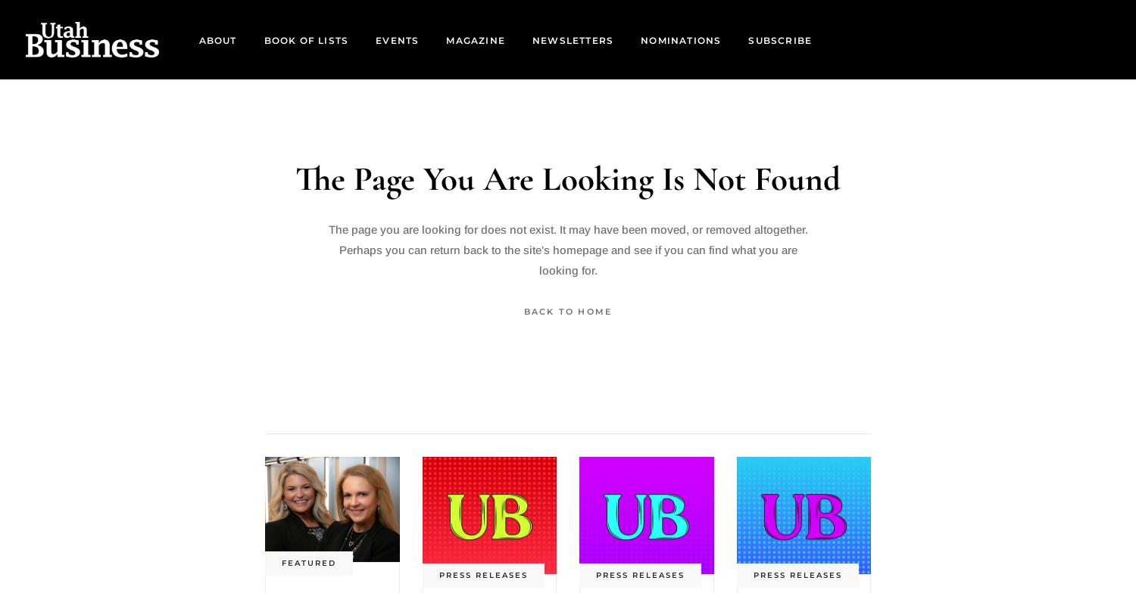  I want to click on 'Subscribe', so click(780, 39).